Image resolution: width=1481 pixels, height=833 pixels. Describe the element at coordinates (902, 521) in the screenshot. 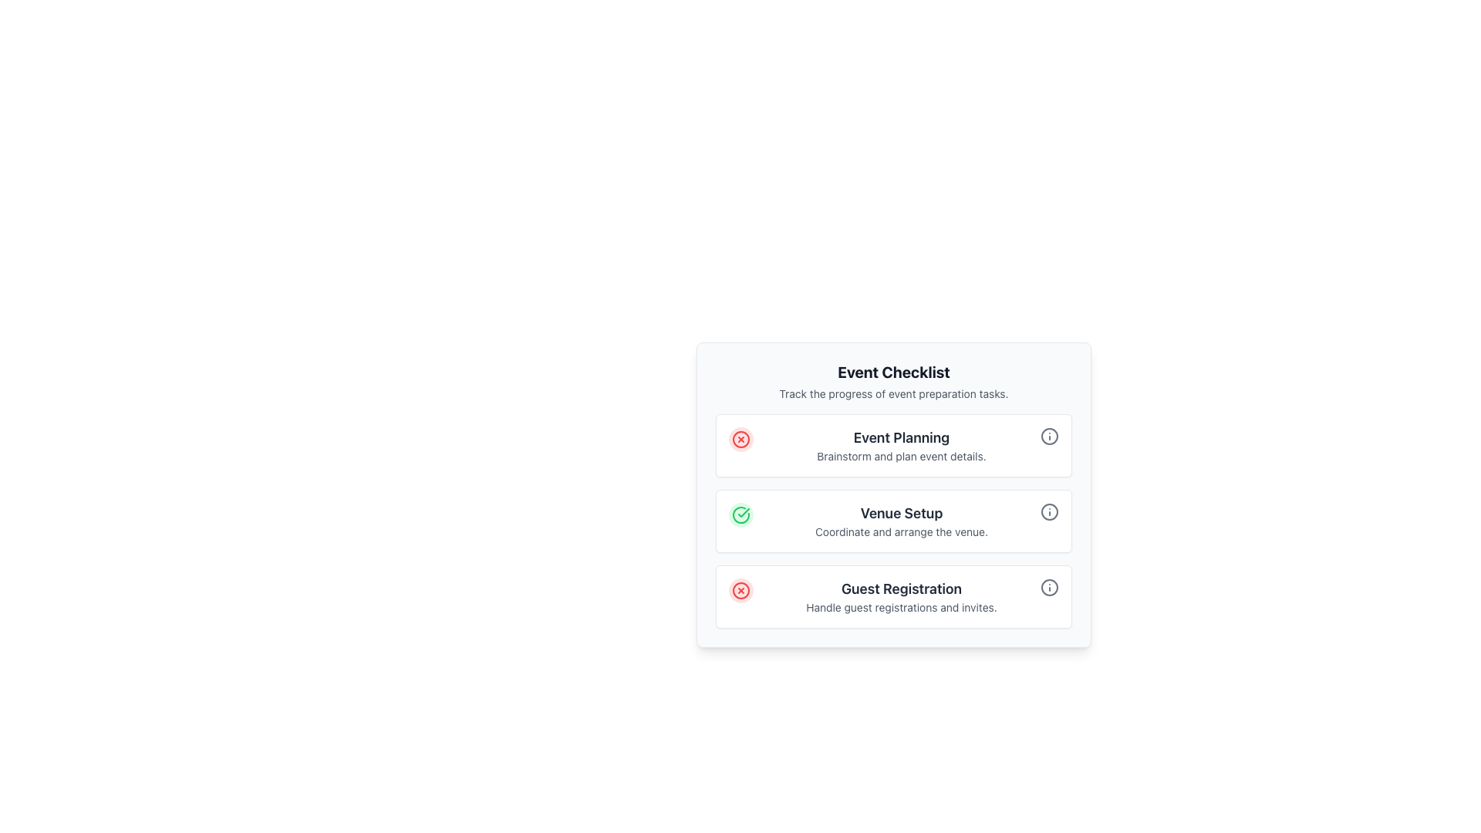

I see `displayed text from the Text Display Element labeled 'Venue Setup', which contains the bold text 'Venue Setup' and the smaller gray text 'Coordinate and arrange the venue.'` at that location.